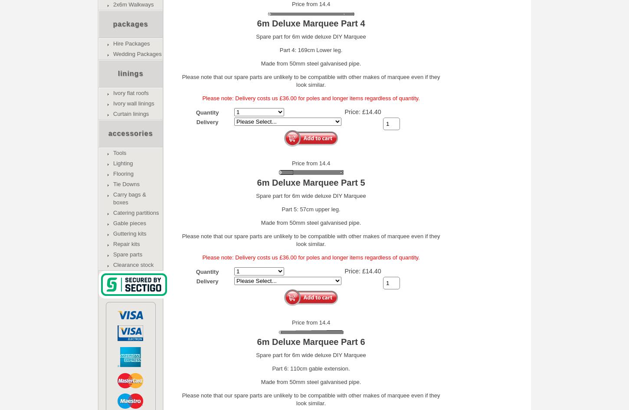  What do you see at coordinates (119, 152) in the screenshot?
I see `'Tools'` at bounding box center [119, 152].